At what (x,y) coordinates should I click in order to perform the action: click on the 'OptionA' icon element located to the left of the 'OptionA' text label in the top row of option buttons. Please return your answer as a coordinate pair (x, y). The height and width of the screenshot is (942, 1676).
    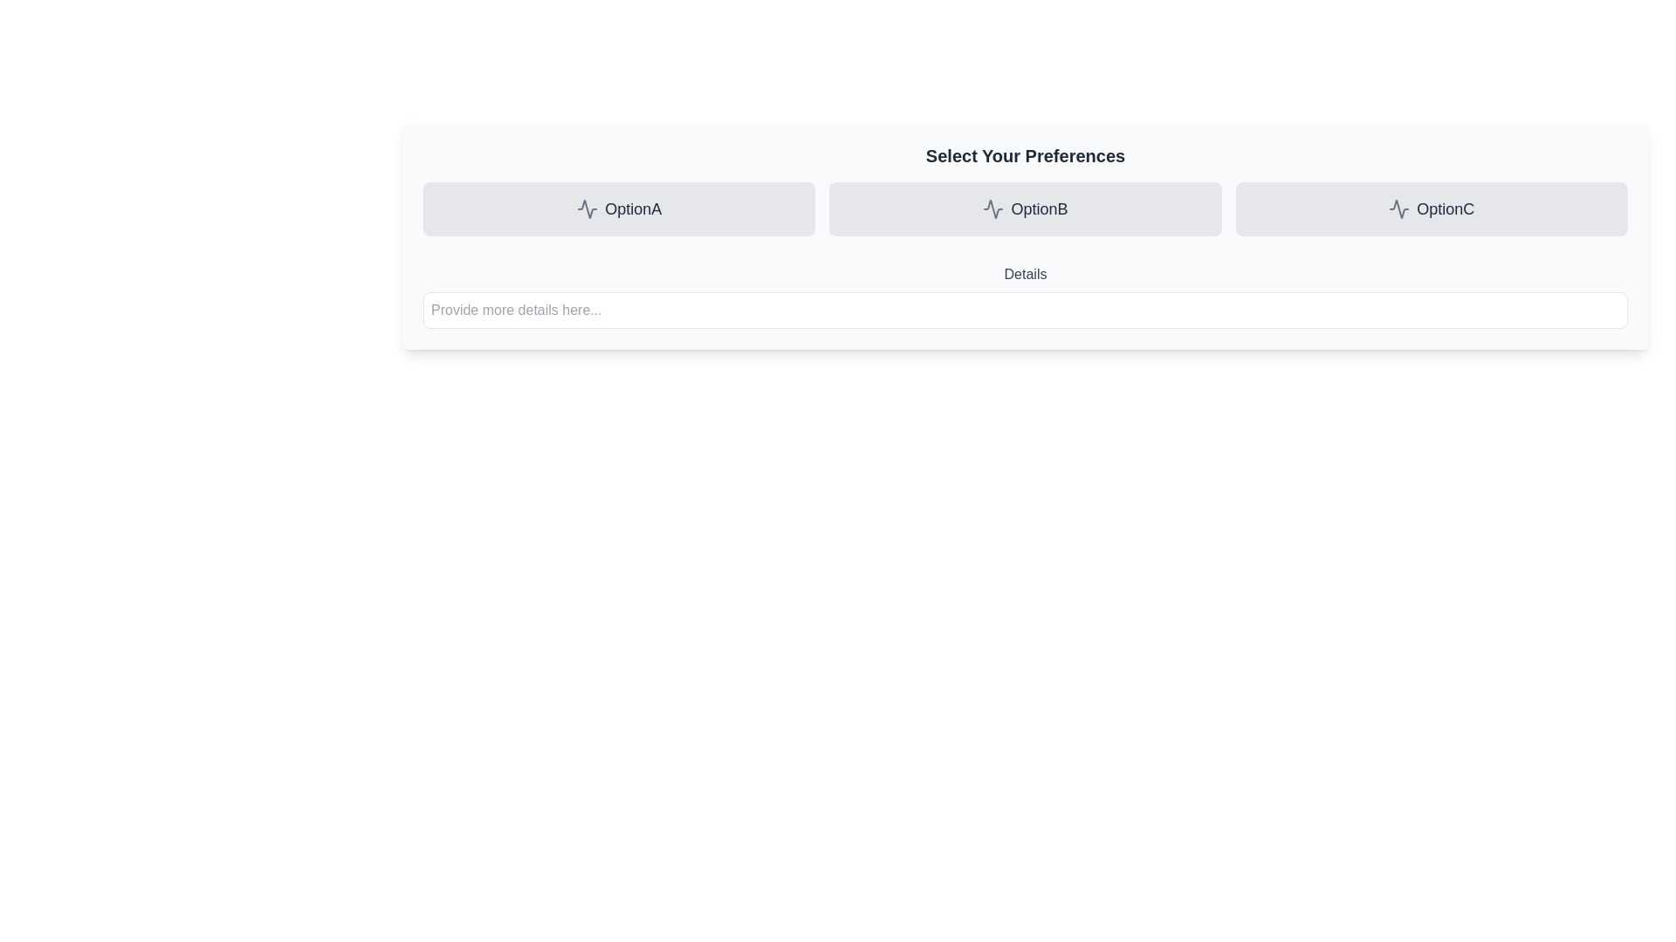
    Looking at the image, I should click on (587, 208).